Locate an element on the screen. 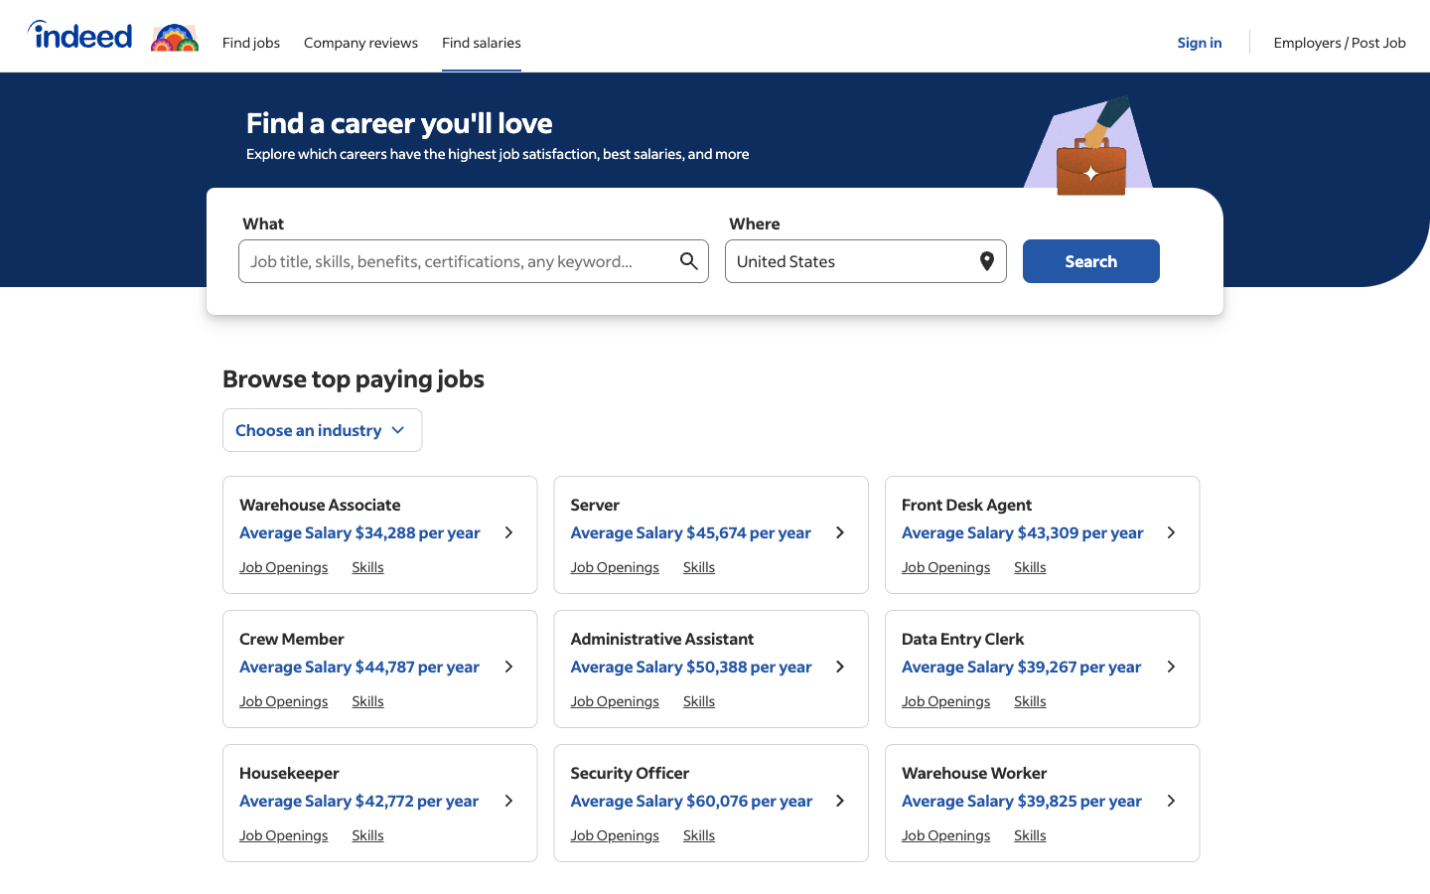 This screenshot has height=894, width=1430. View information about "Front Desk Agent is located at coordinates (1170, 533).